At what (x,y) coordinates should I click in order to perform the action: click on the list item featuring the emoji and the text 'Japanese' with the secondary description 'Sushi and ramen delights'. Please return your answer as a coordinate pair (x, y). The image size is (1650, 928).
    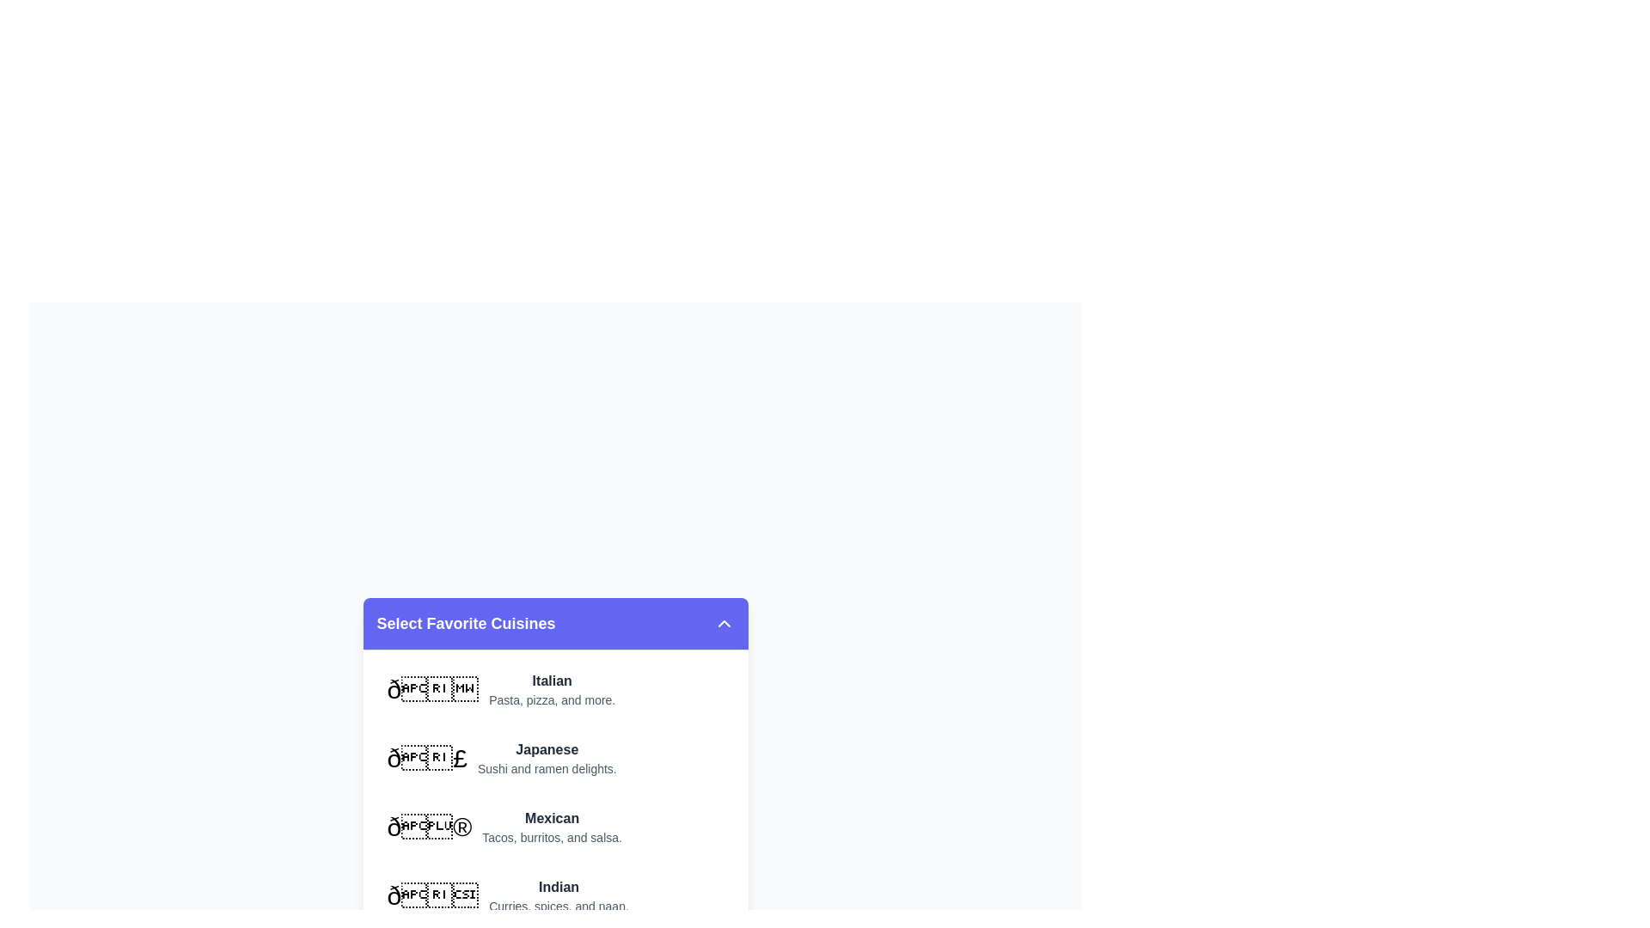
    Looking at the image, I should click on (501, 757).